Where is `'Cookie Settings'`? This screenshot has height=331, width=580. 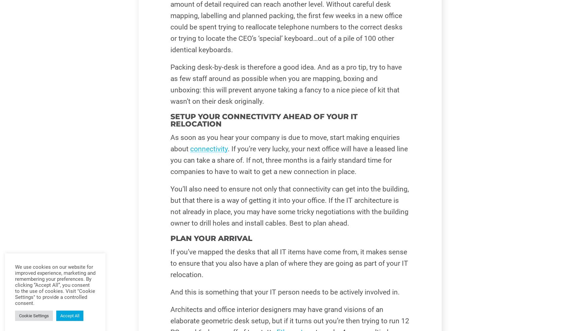
'Cookie Settings' is located at coordinates (34, 316).